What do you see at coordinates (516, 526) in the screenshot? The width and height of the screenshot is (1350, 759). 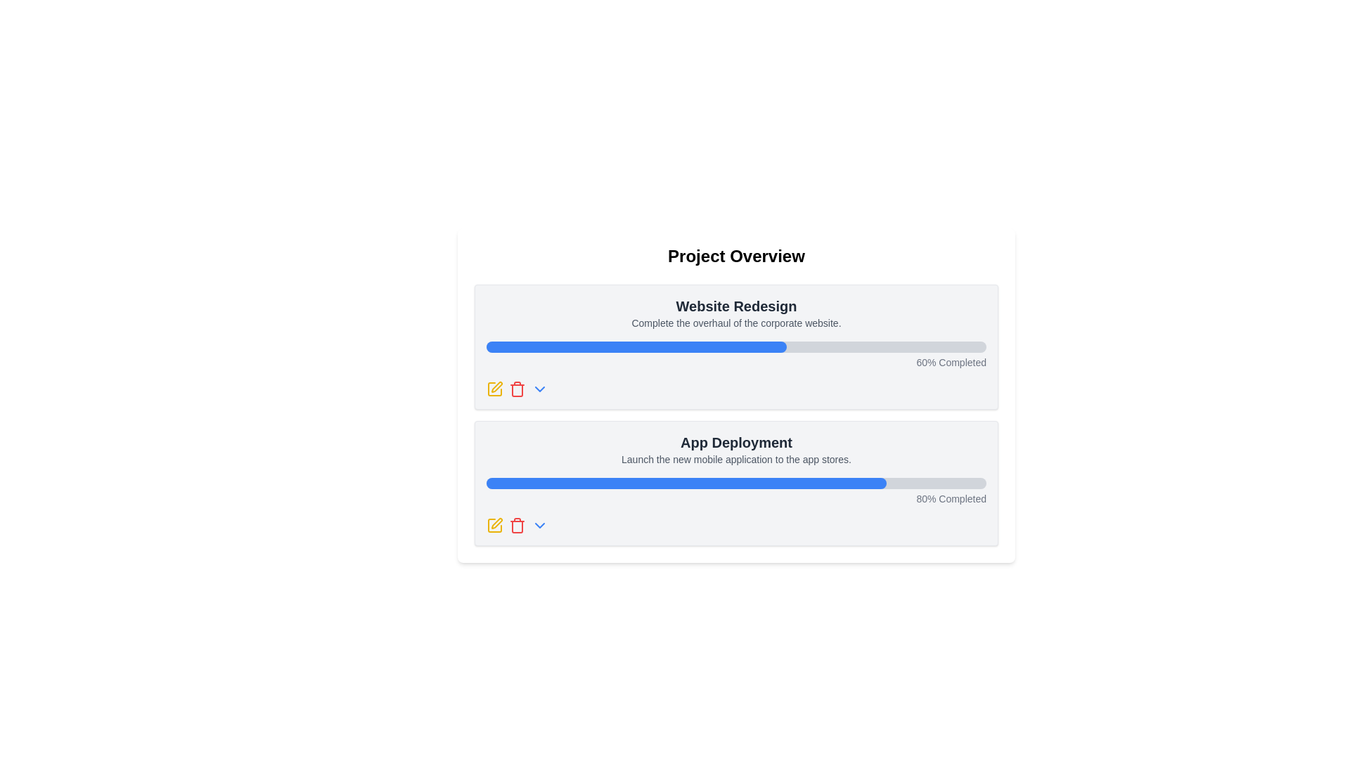 I see `the delete icon located in the lower project card next to the progress bar and adjacent to the yellow edit icon` at bounding box center [516, 526].